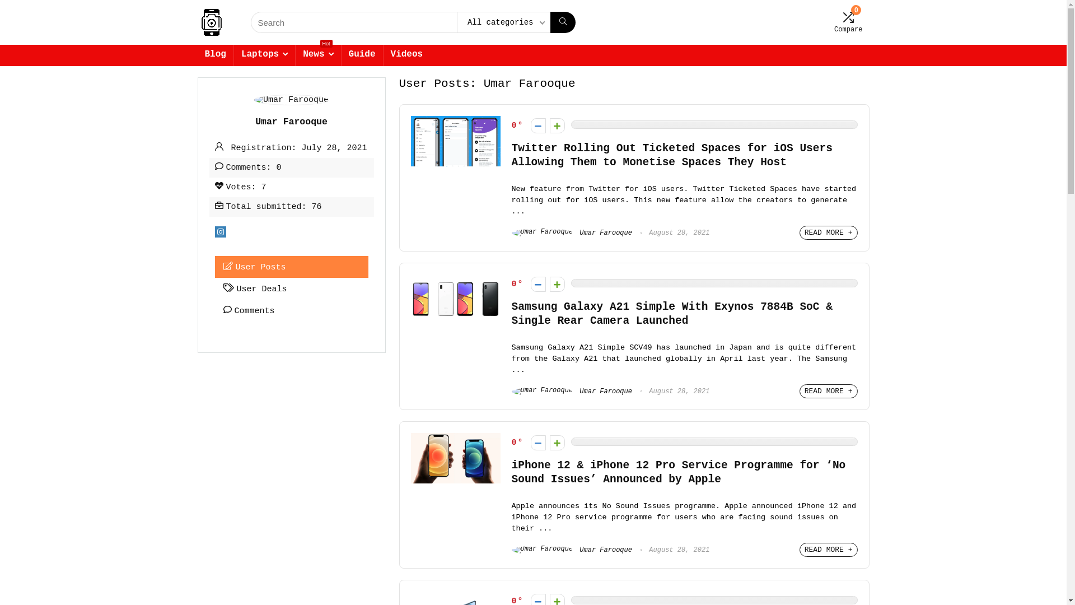  Describe the element at coordinates (572, 550) in the screenshot. I see `'Umar Farooque'` at that location.